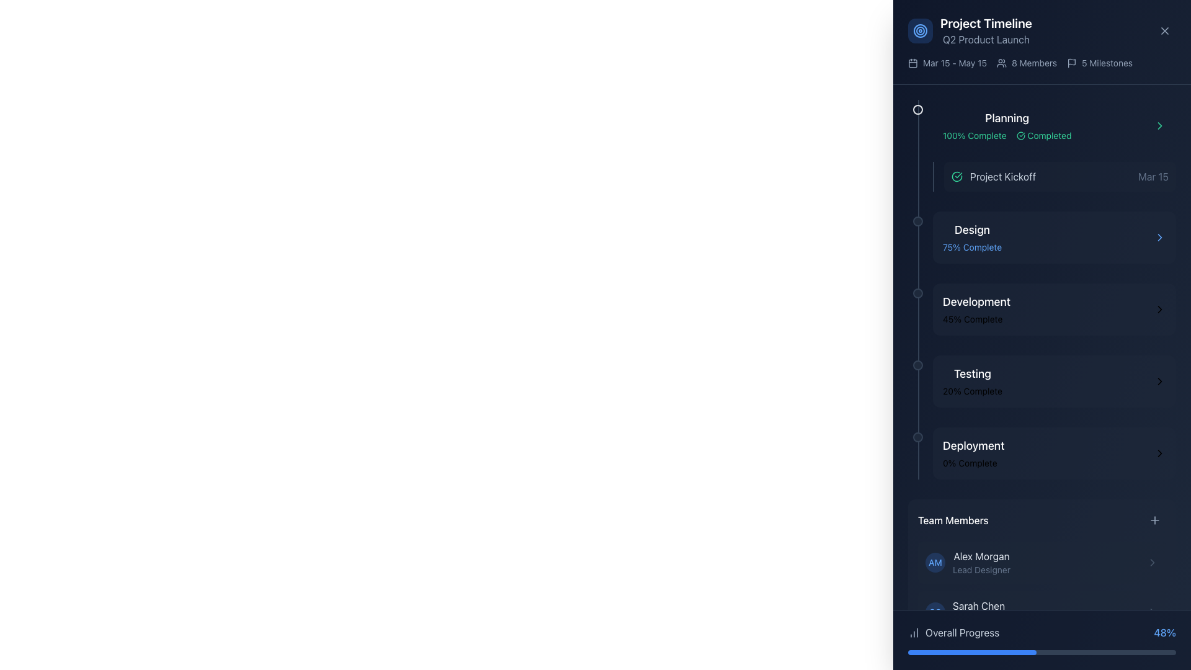 The image size is (1191, 670). Describe the element at coordinates (971, 237) in the screenshot. I see `information displayed on the label showing 'Design' in large, bold white letters and '75% Complete' in smaller, light blue text, located in the second section under the 'Planning' category of the project timeline interface` at that location.